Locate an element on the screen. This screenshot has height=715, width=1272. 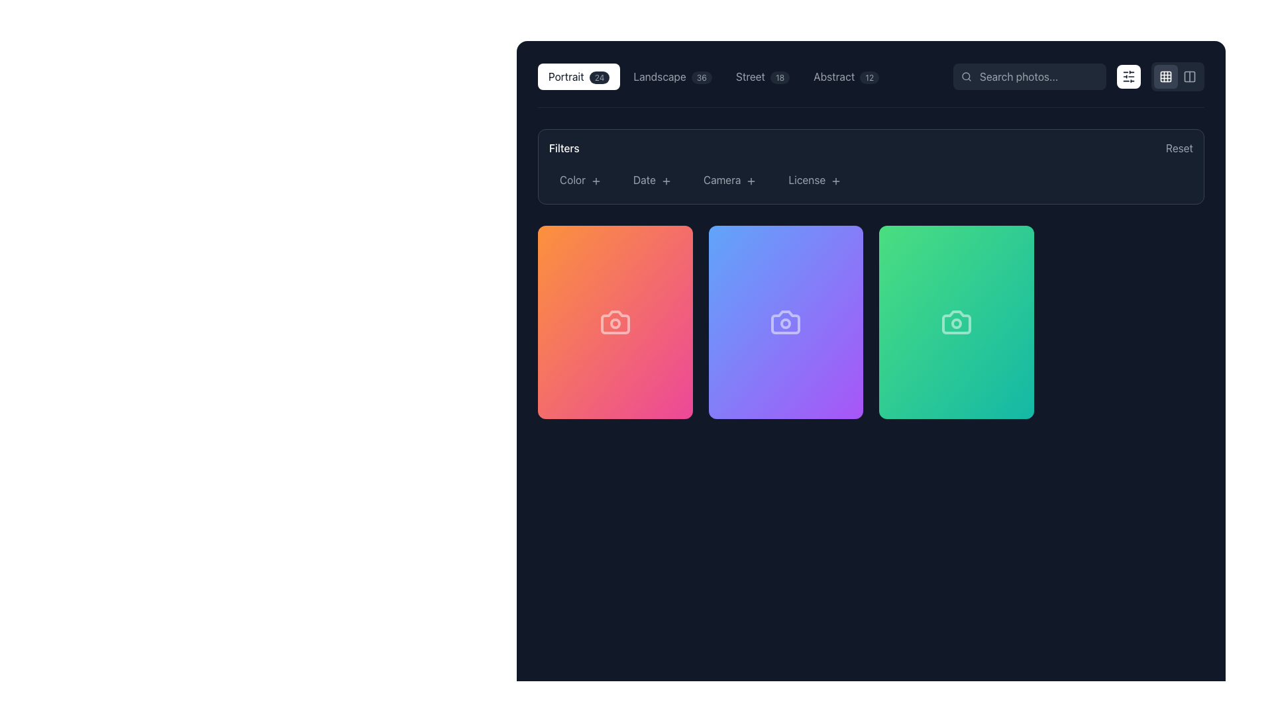
the camera icon graphic with a green outline located on the rightmost green card in a row of three cards (orange, purple, green) is located at coordinates (956, 322).